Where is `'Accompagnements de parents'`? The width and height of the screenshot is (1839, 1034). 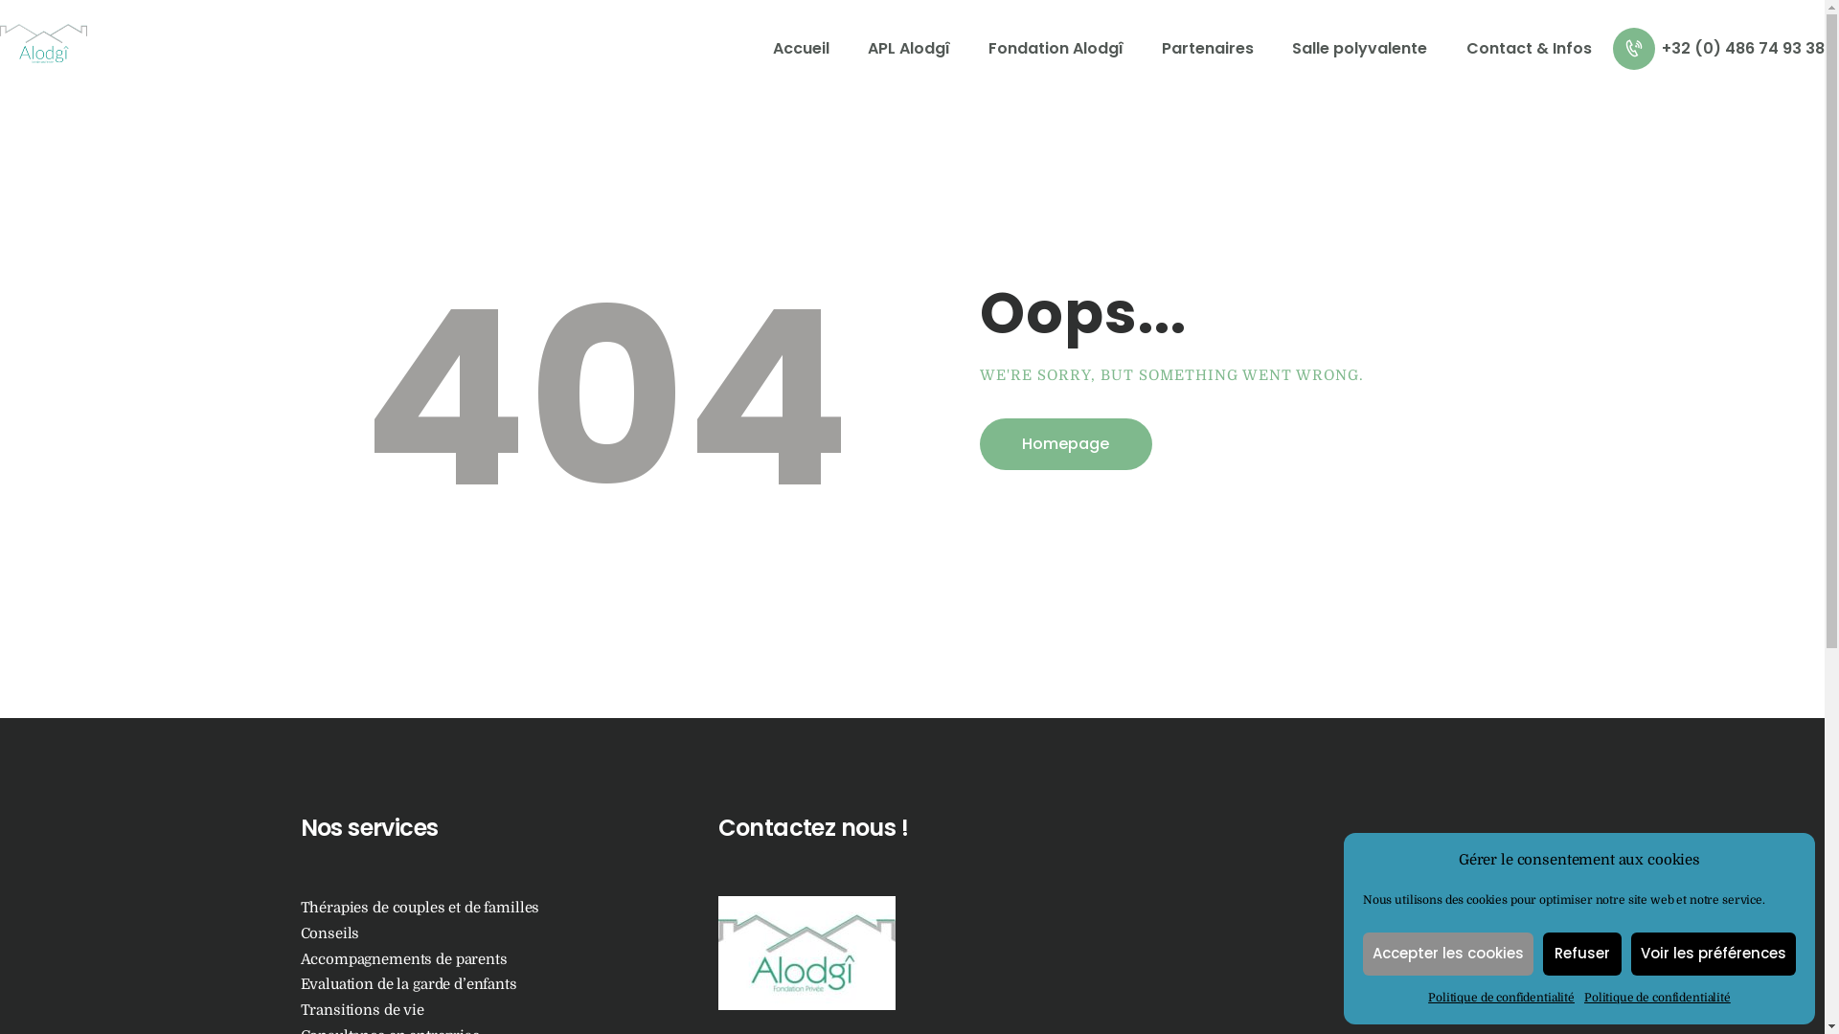
'Accompagnements de parents' is located at coordinates (299, 959).